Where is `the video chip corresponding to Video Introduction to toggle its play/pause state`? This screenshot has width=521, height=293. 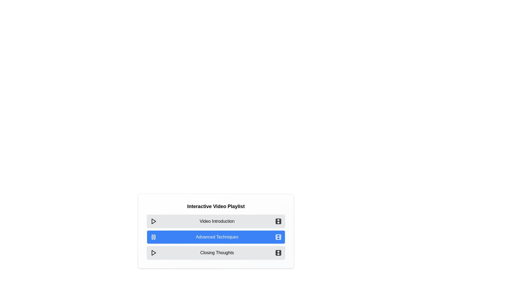
the video chip corresponding to Video Introduction to toggle its play/pause state is located at coordinates (216, 221).